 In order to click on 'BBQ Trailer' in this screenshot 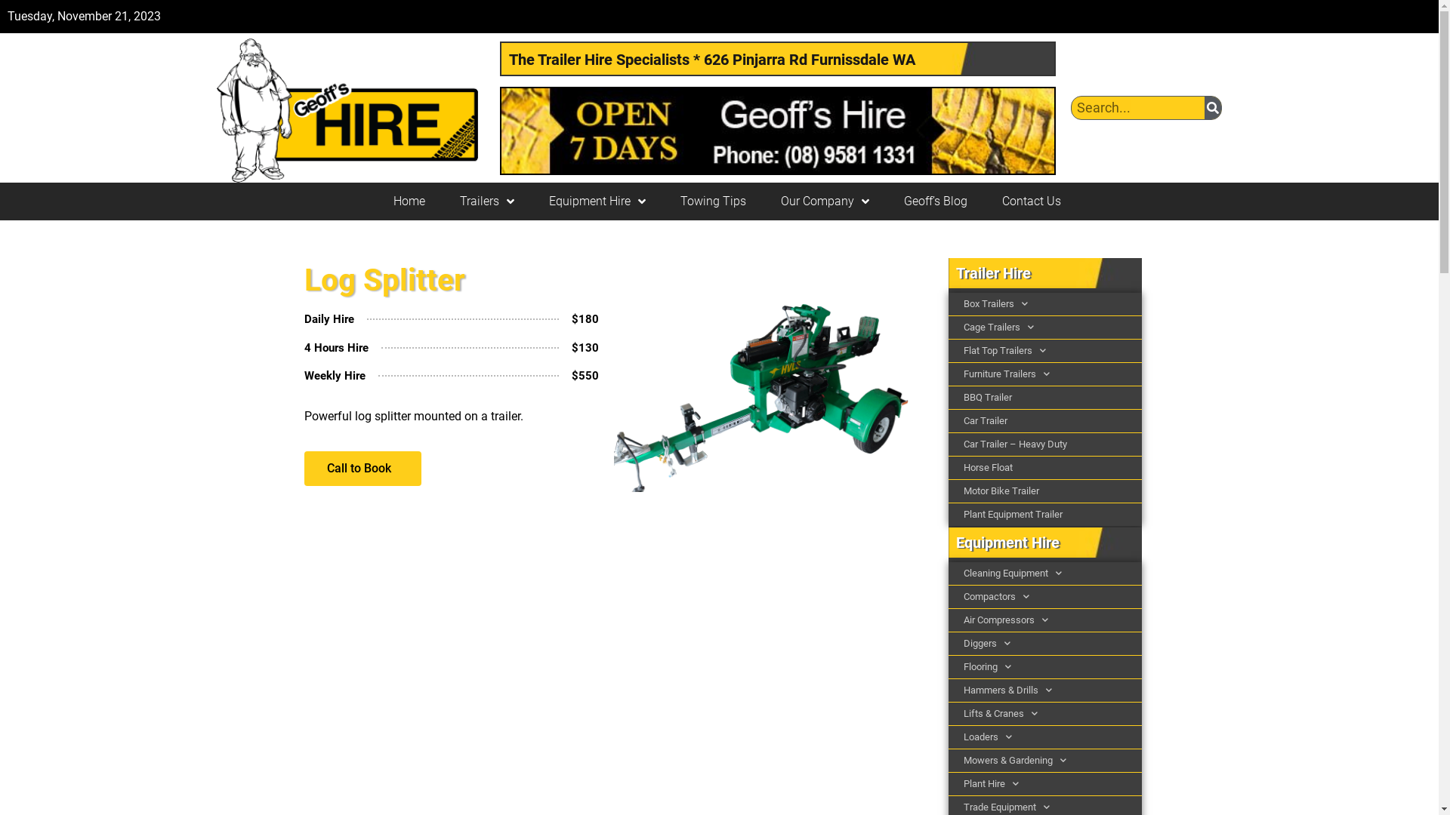, I will do `click(1044, 397)`.